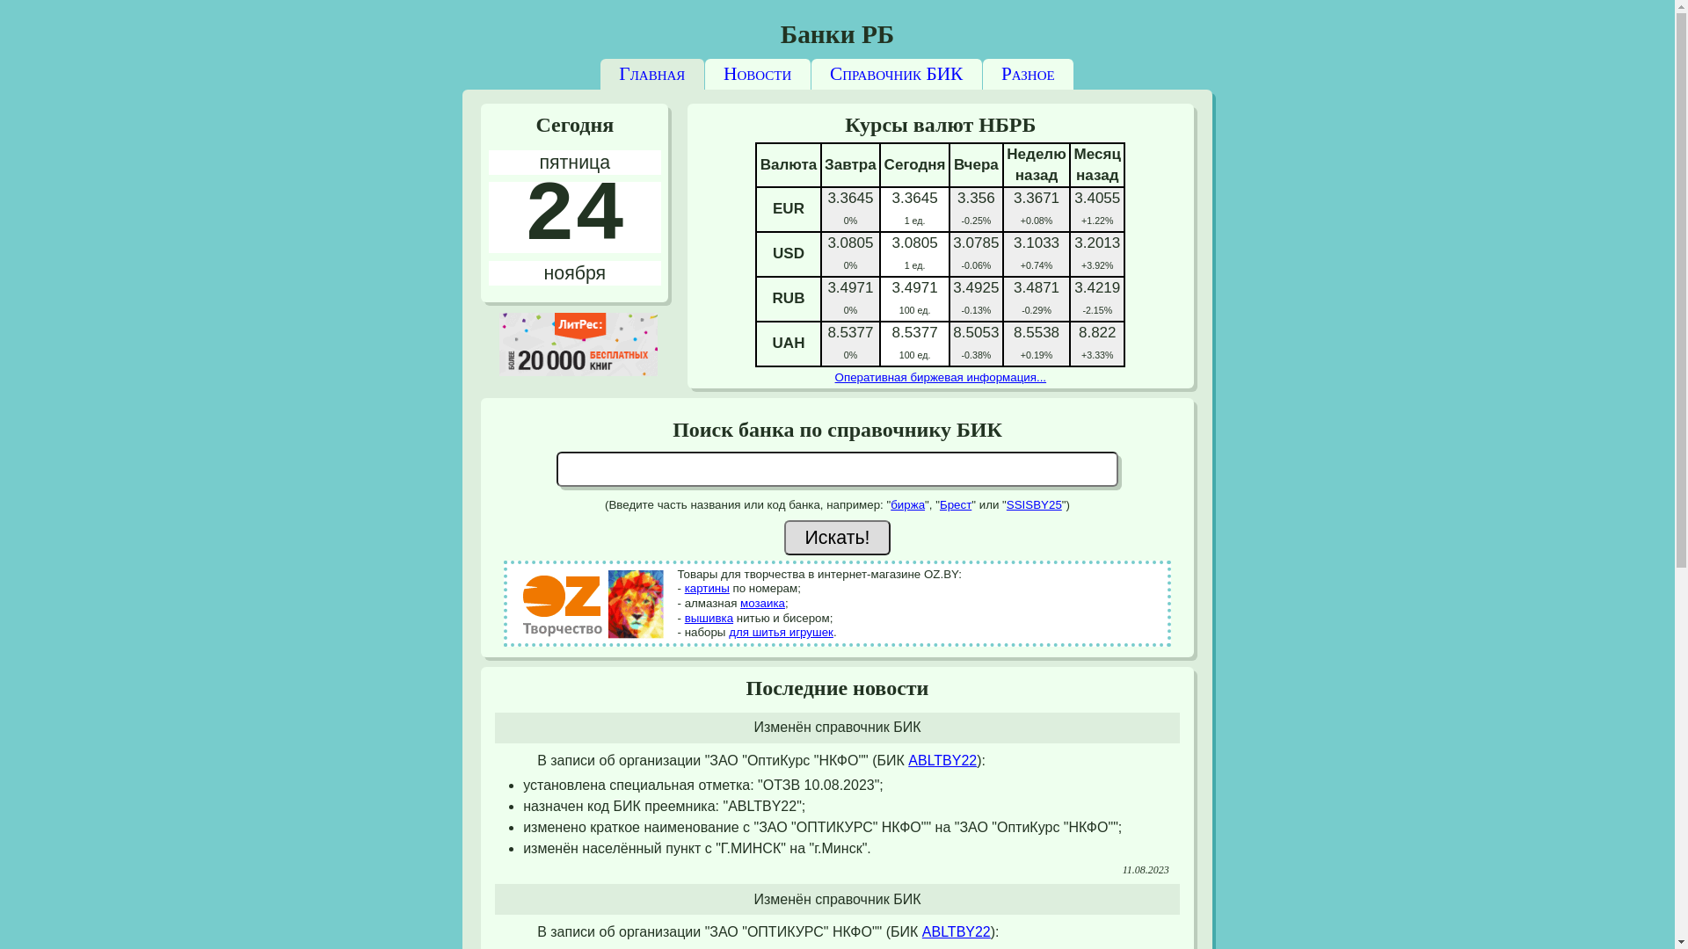 Image resolution: width=1688 pixels, height=949 pixels. I want to click on 'ABLTBY22', so click(907, 759).